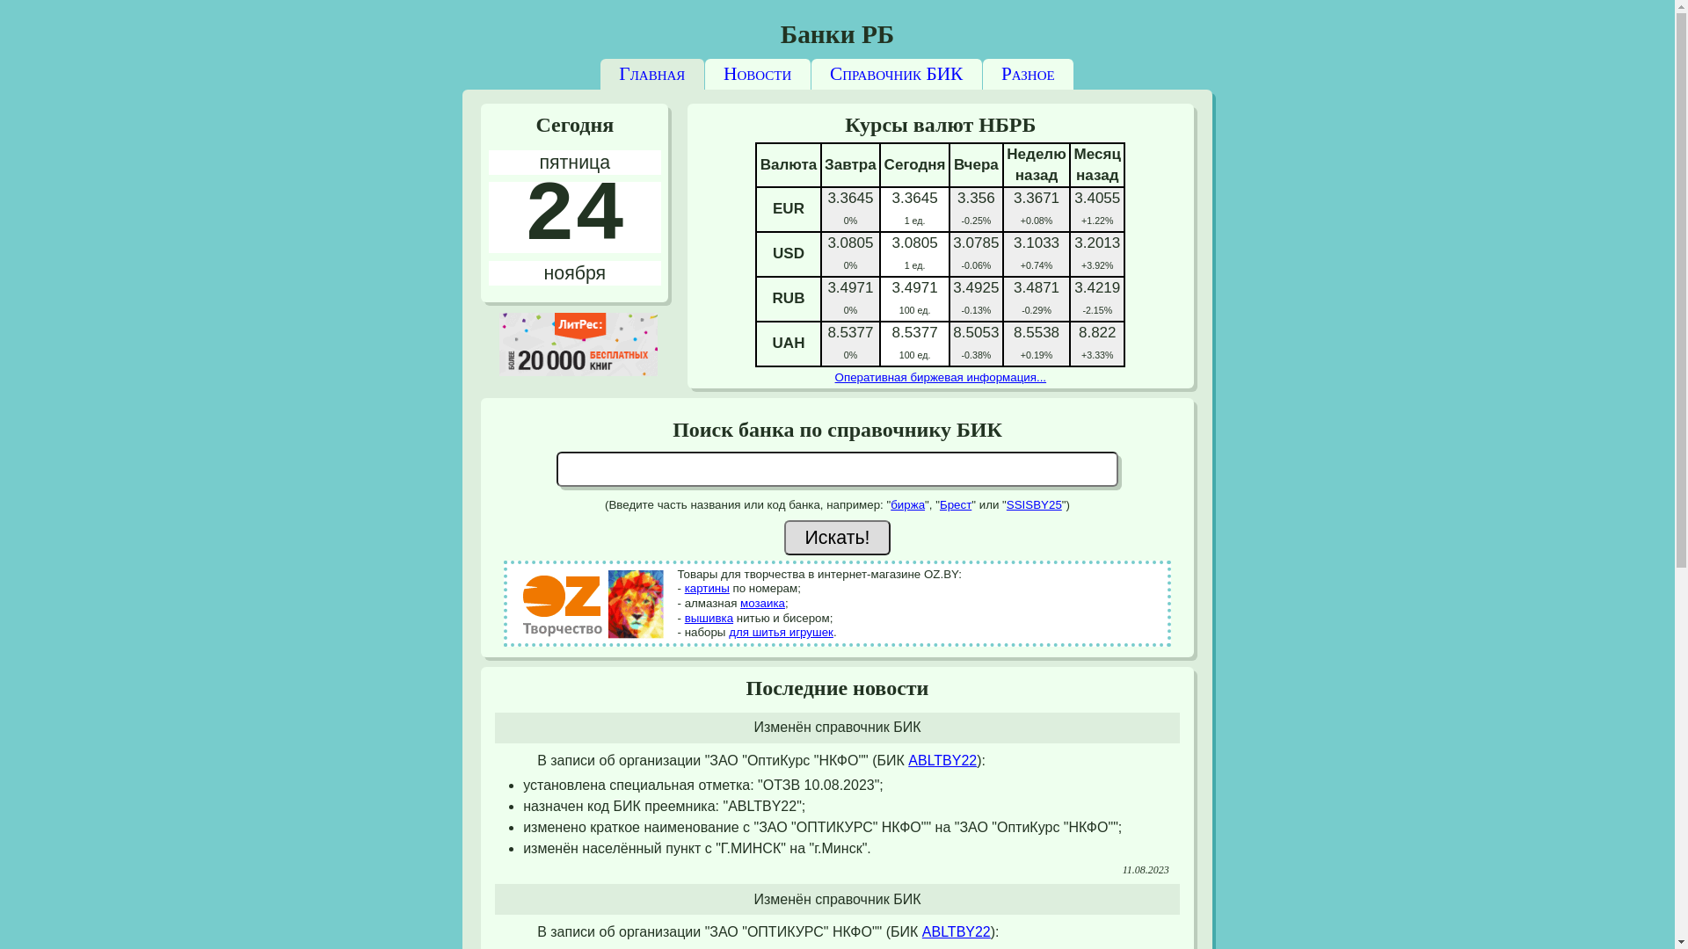 Image resolution: width=1688 pixels, height=949 pixels. I want to click on 'ABLTBY22', so click(907, 759).